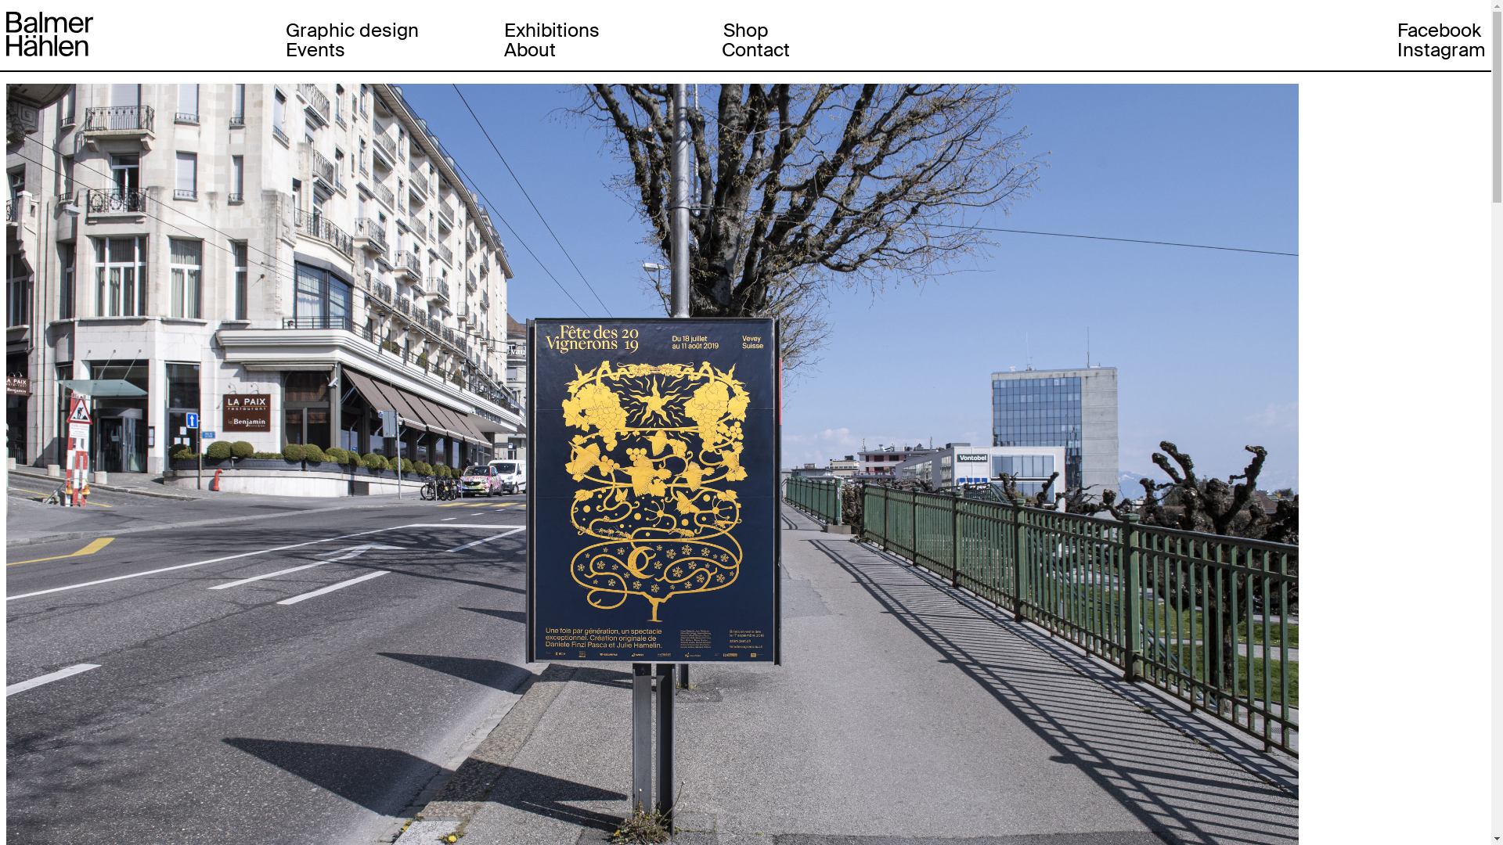 This screenshot has height=845, width=1503. I want to click on 'Facebook', so click(1397, 30).